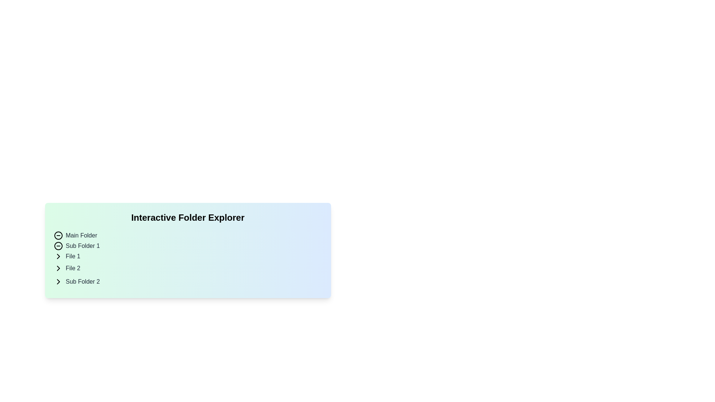  What do you see at coordinates (58, 281) in the screenshot?
I see `the arrow icon button next to the 'Sub Folder 2' label` at bounding box center [58, 281].